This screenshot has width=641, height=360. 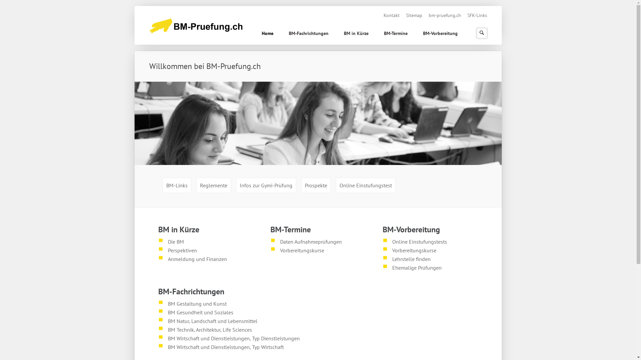 What do you see at coordinates (197, 258) in the screenshot?
I see `'Anmeldung und Finanzen'` at bounding box center [197, 258].